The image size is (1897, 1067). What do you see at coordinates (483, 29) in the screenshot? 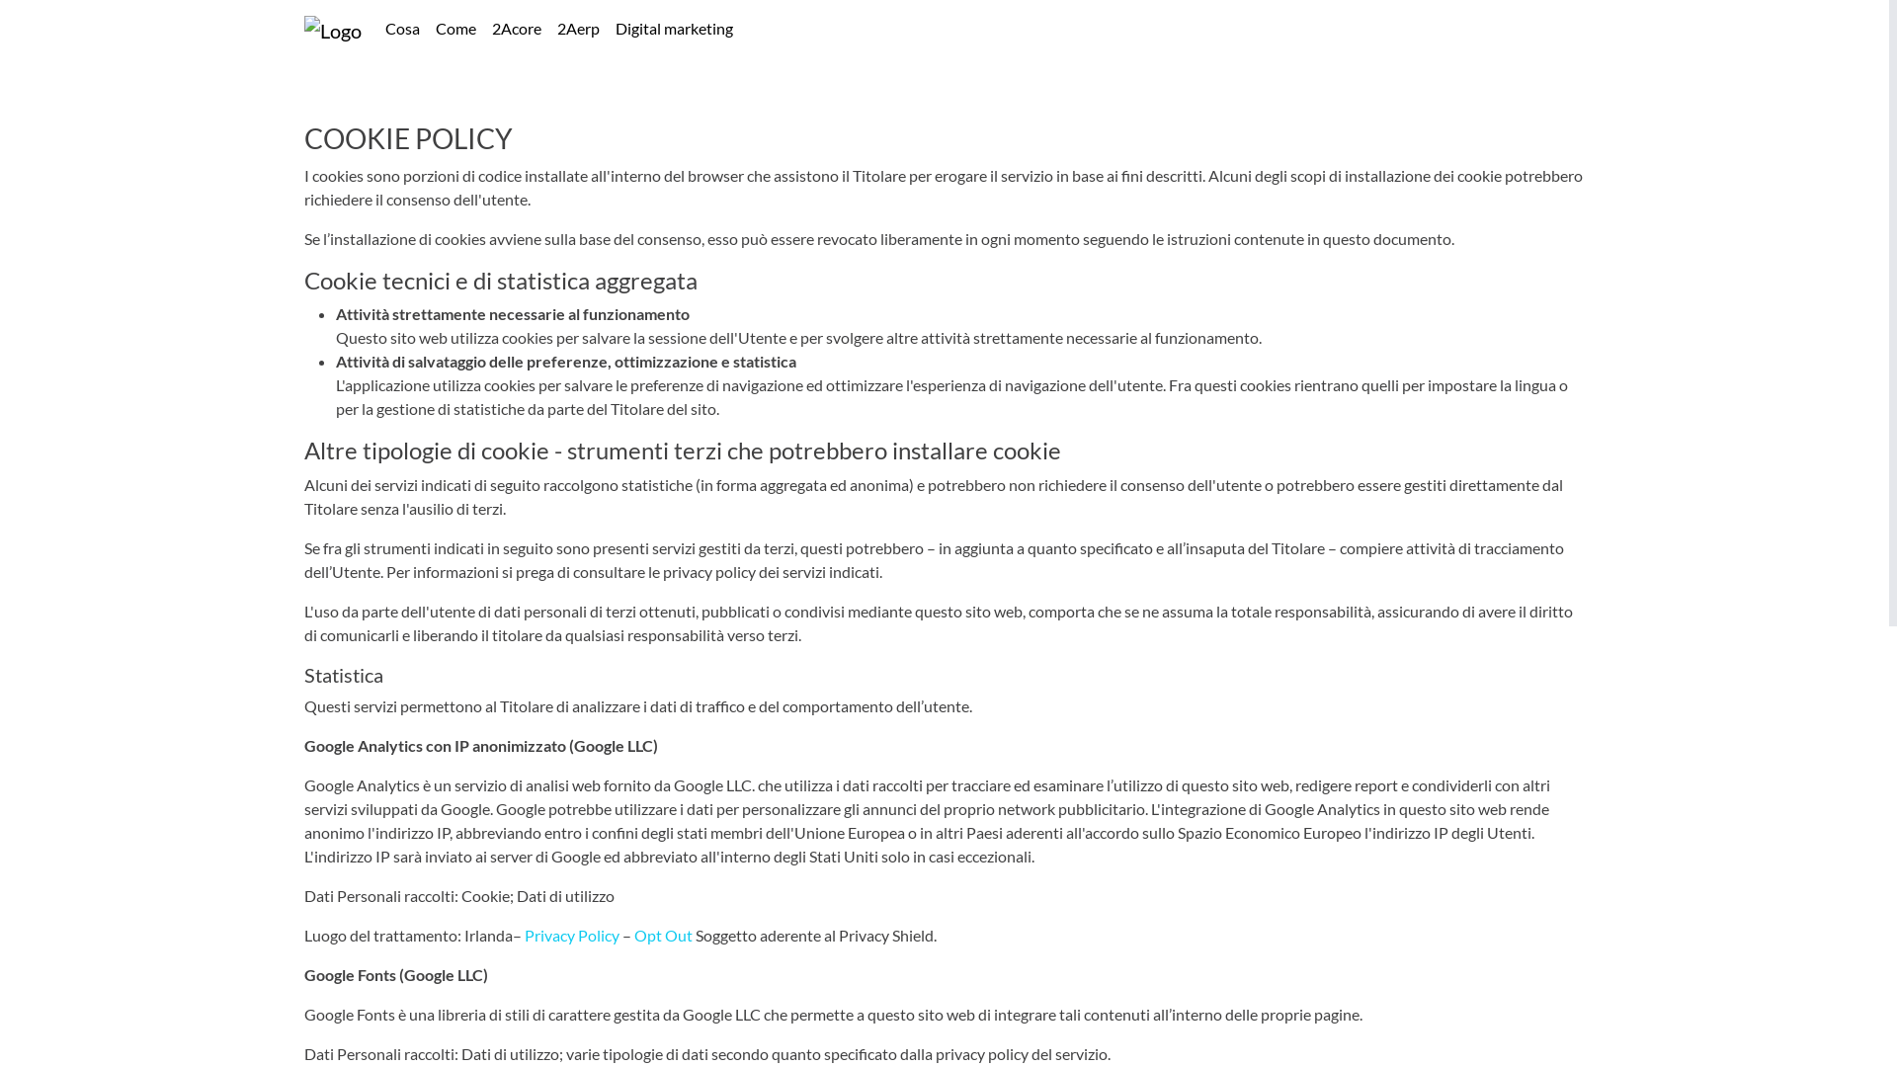
I see `'2Acore'` at bounding box center [483, 29].